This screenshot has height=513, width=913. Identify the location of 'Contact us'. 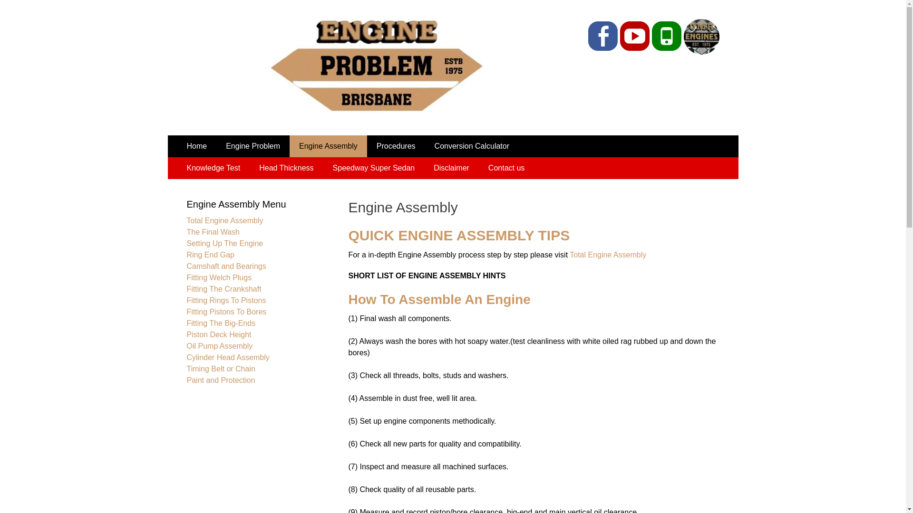
(506, 168).